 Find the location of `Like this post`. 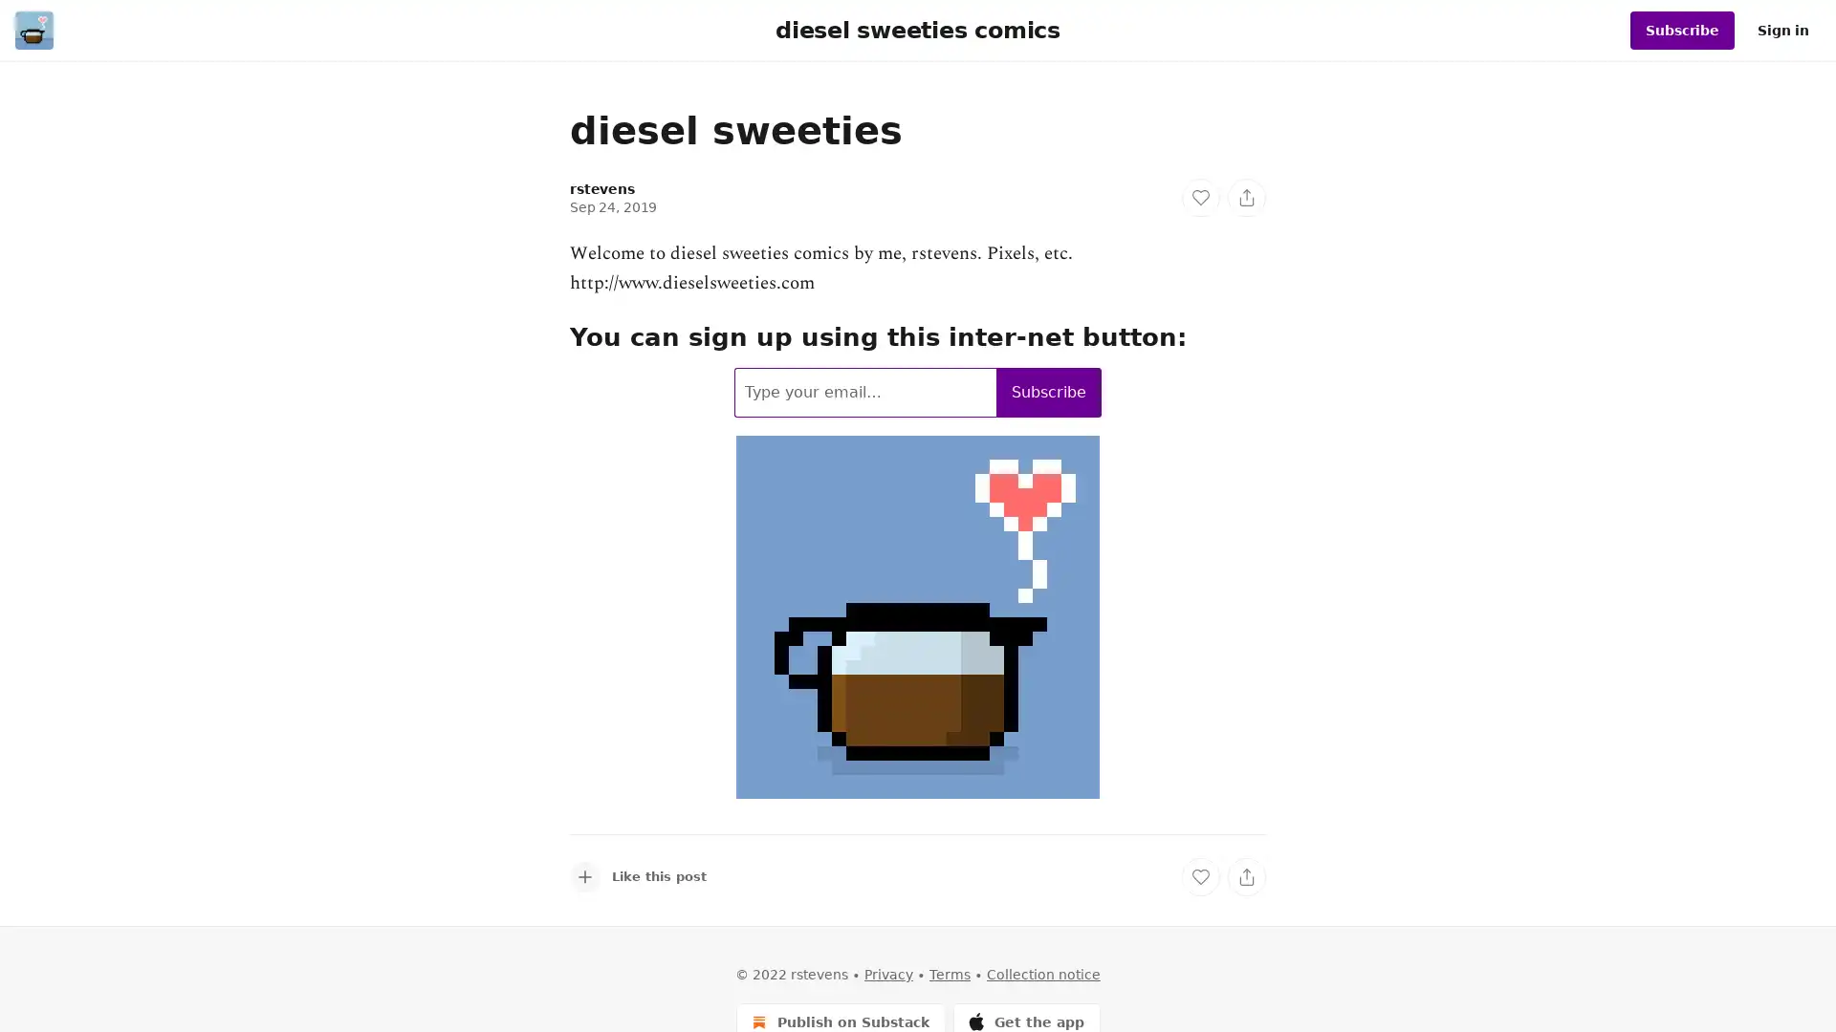

Like this post is located at coordinates (638, 876).